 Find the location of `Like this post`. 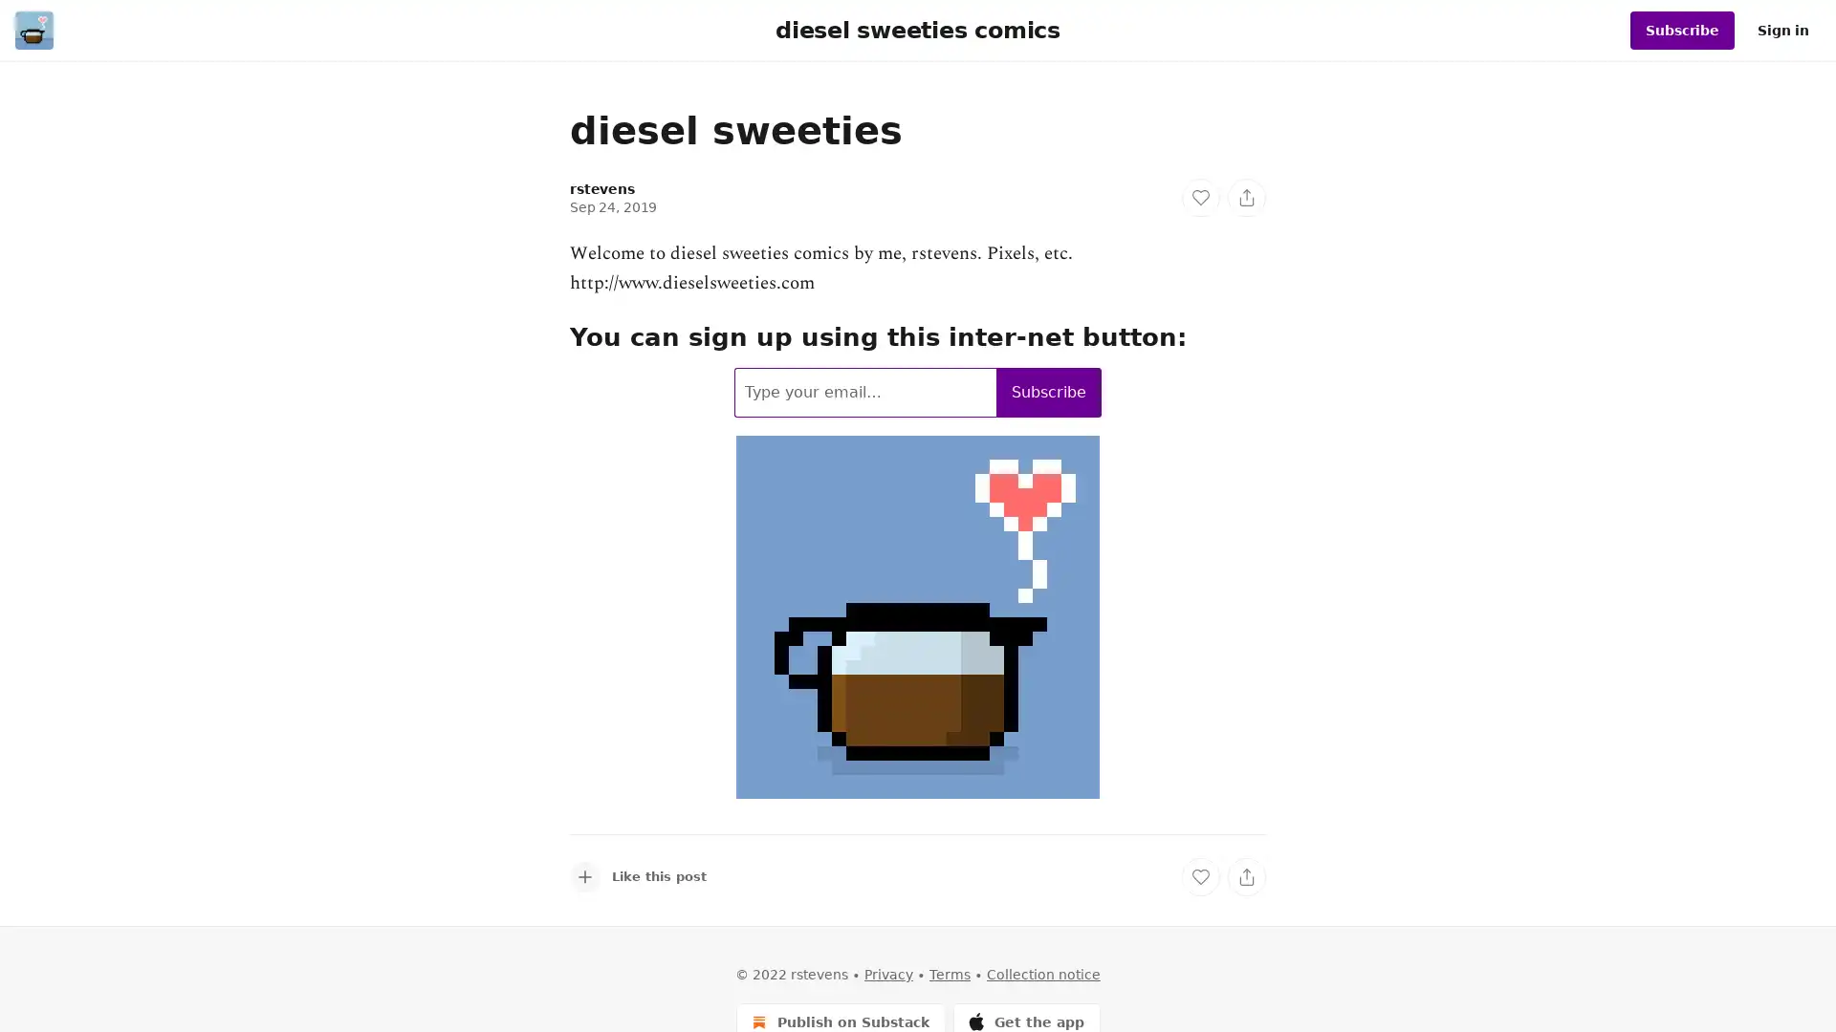

Like this post is located at coordinates (638, 876).